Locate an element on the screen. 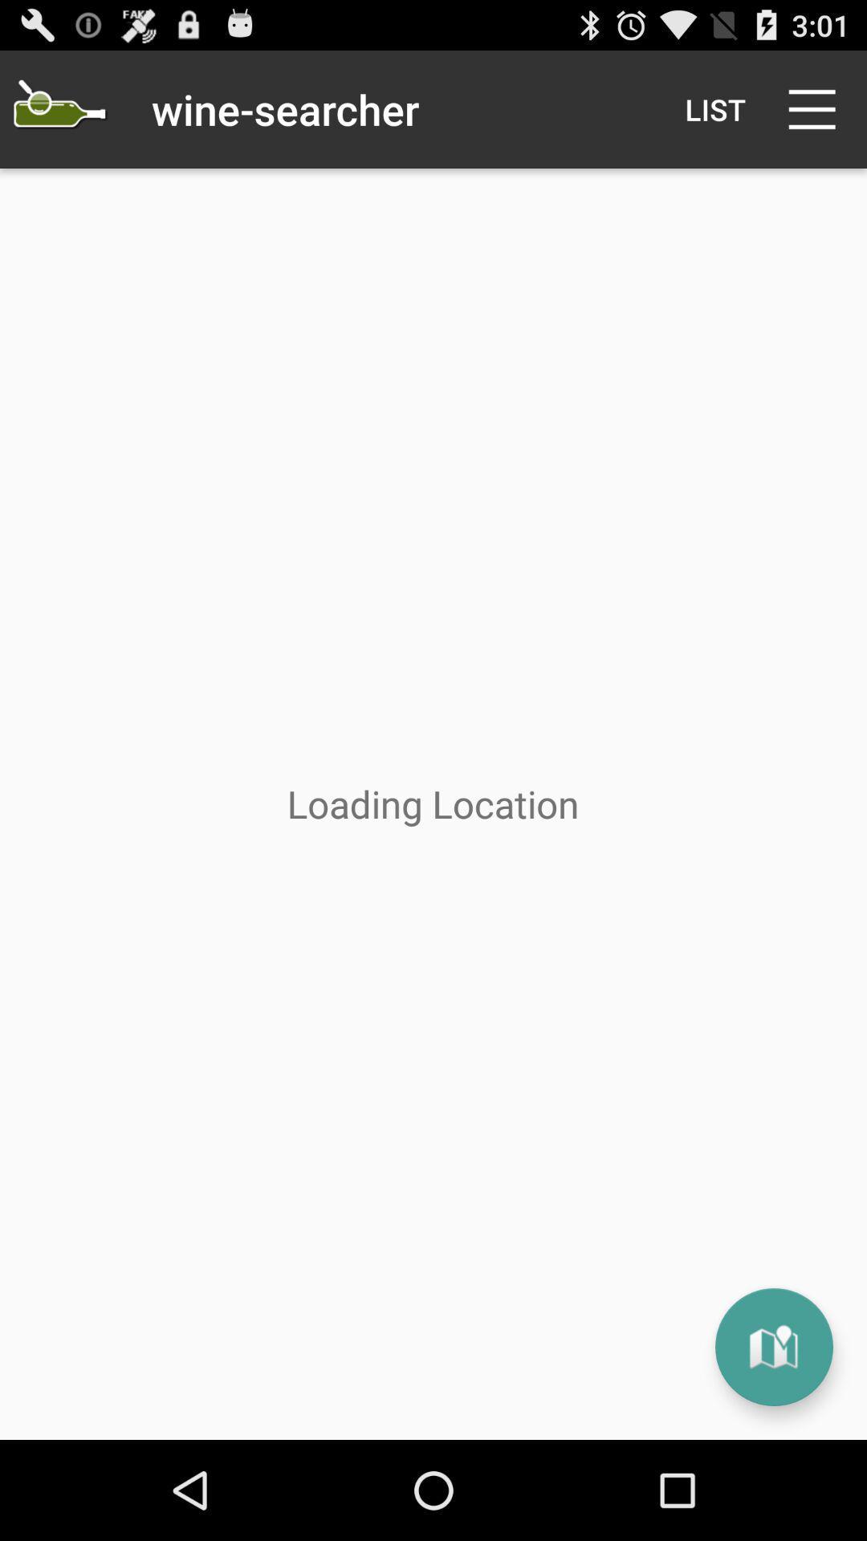  the icon below list icon is located at coordinates (773, 1347).